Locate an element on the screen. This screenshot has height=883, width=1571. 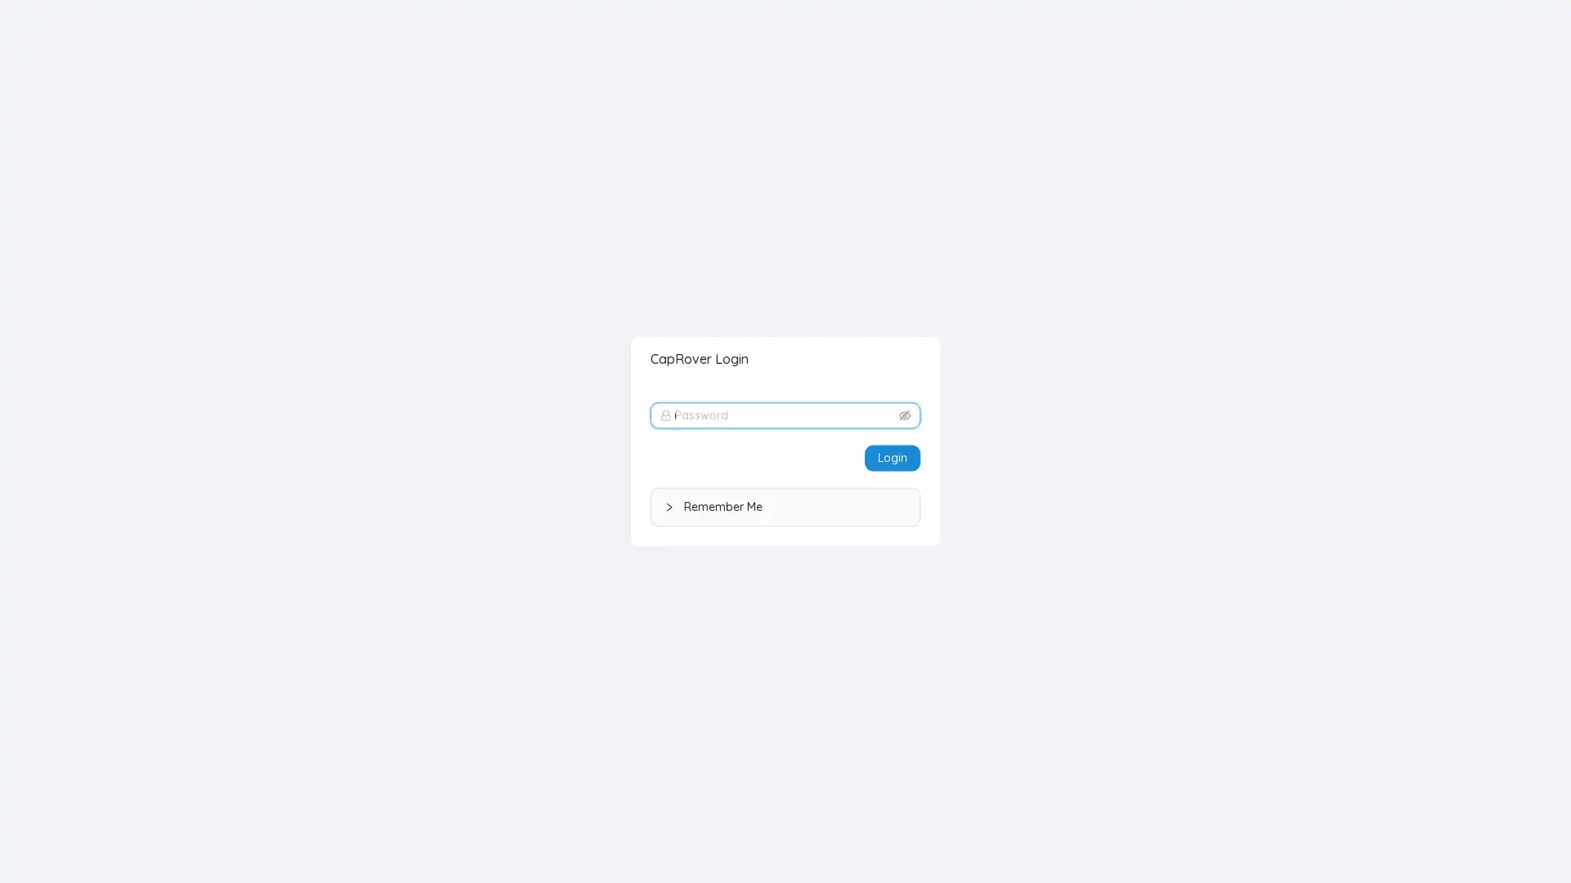
Login is located at coordinates (891, 457).